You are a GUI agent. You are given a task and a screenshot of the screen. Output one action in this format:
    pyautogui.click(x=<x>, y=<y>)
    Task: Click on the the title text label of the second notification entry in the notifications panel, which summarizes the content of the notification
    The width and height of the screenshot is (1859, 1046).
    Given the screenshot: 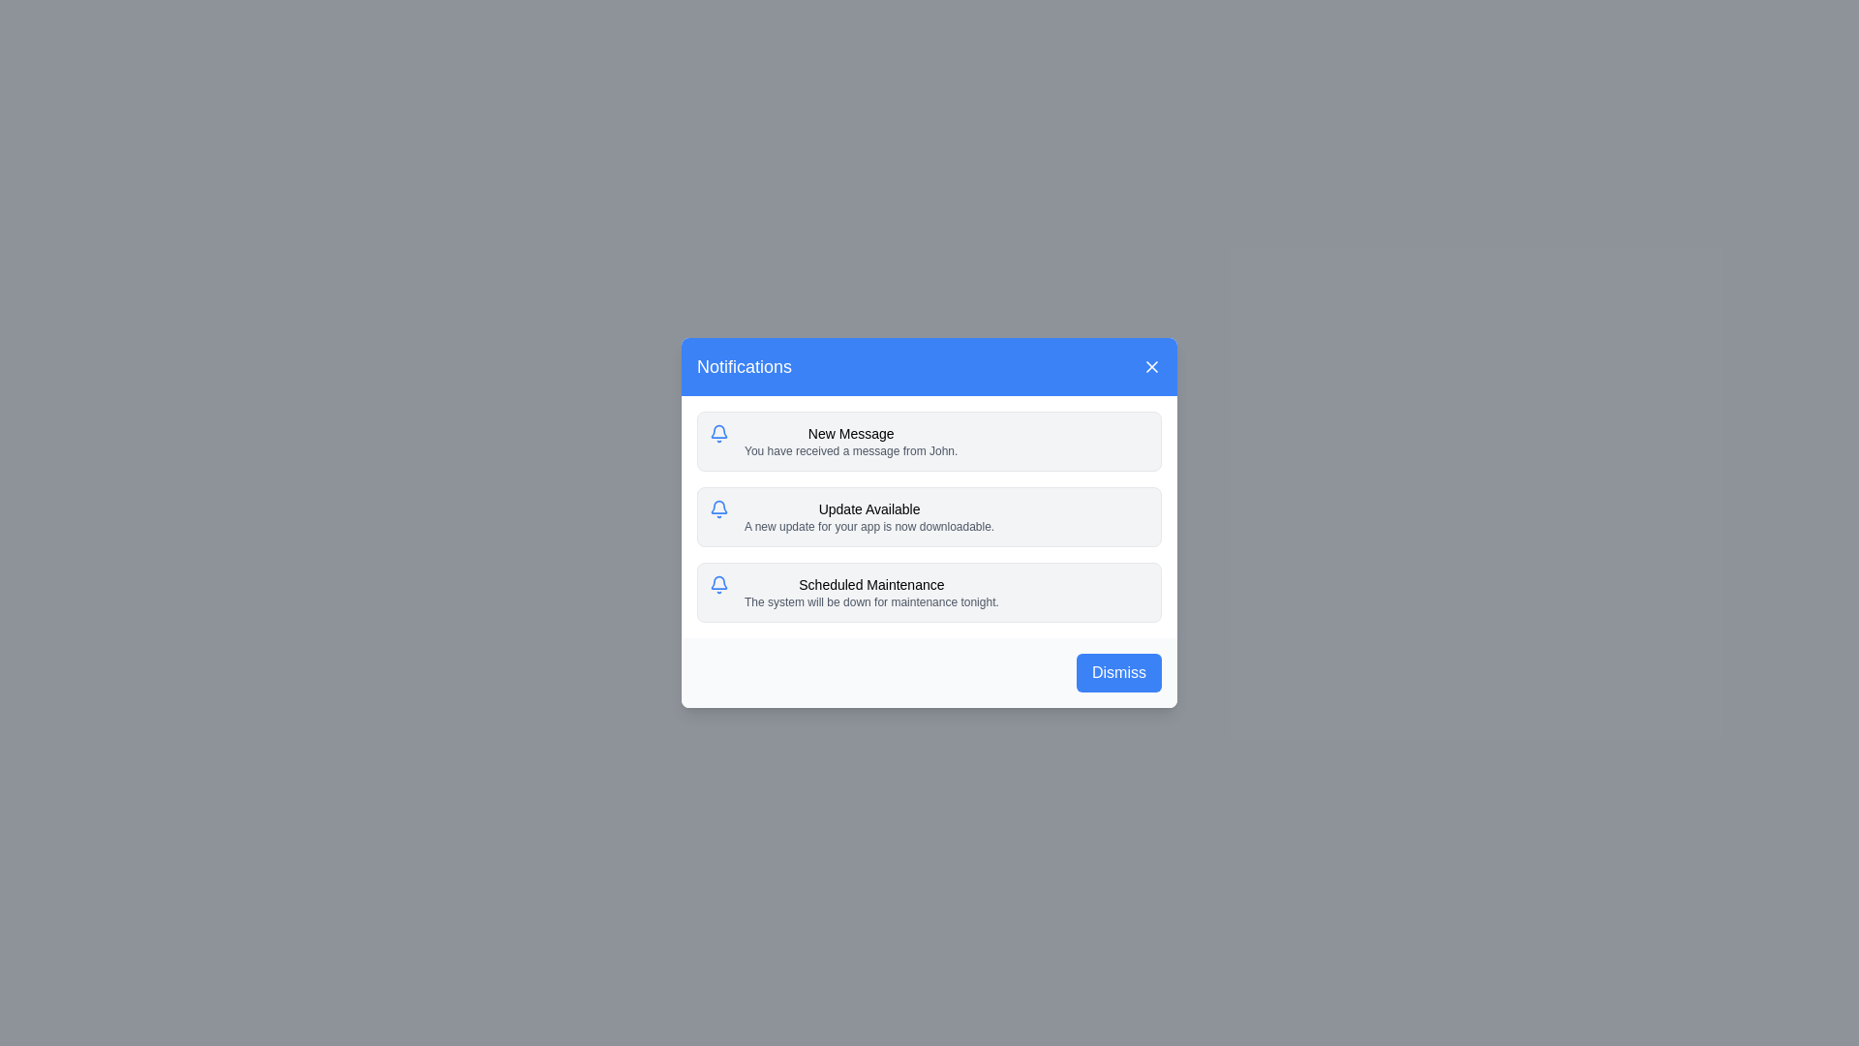 What is the action you would take?
    pyautogui.click(x=869, y=508)
    